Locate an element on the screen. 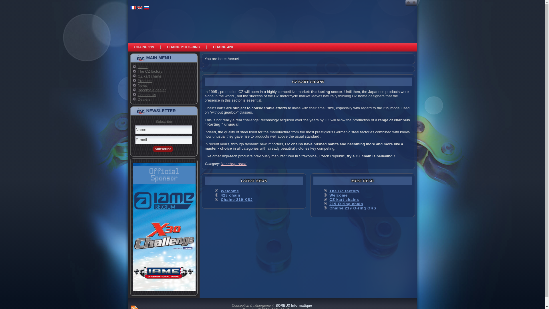 This screenshot has height=309, width=549. 'Subscribe' is located at coordinates (163, 121).